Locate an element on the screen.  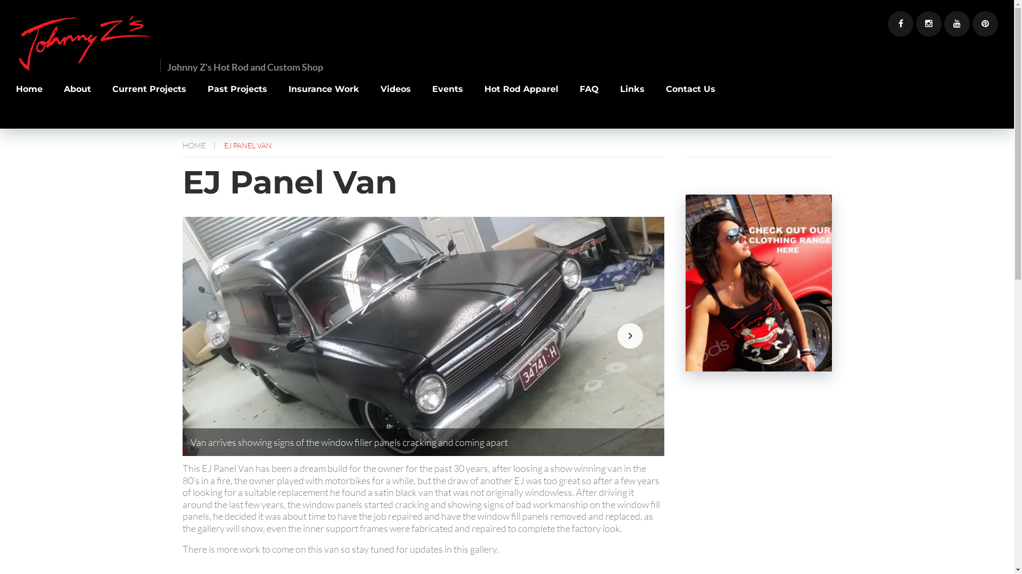
'Home' is located at coordinates (29, 100).